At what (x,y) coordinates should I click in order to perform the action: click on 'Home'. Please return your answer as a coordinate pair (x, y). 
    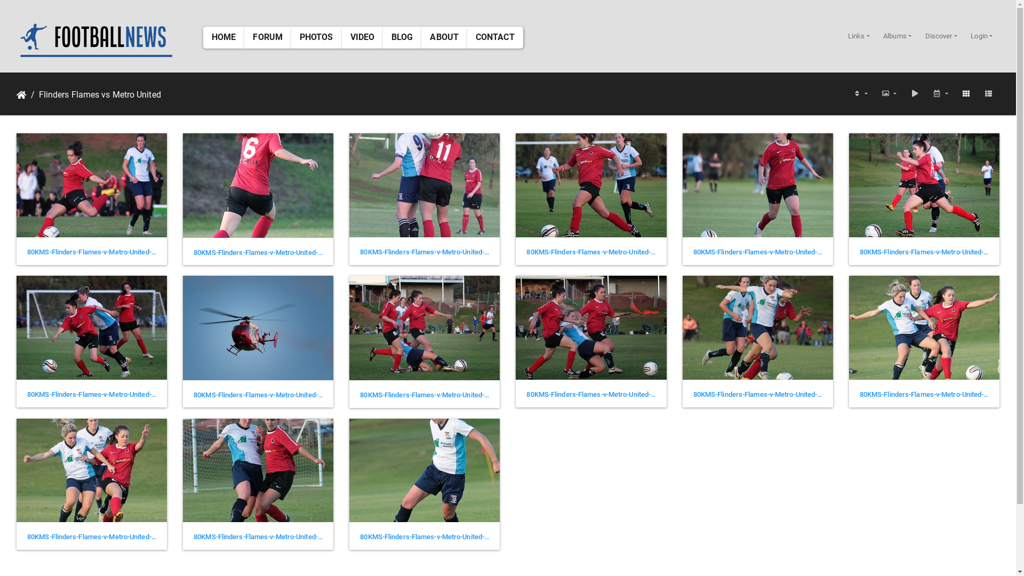
    Looking at the image, I should click on (21, 94).